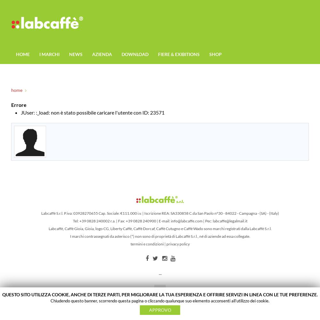 This screenshot has width=320, height=320. I want to click on 'HOME', so click(22, 54).